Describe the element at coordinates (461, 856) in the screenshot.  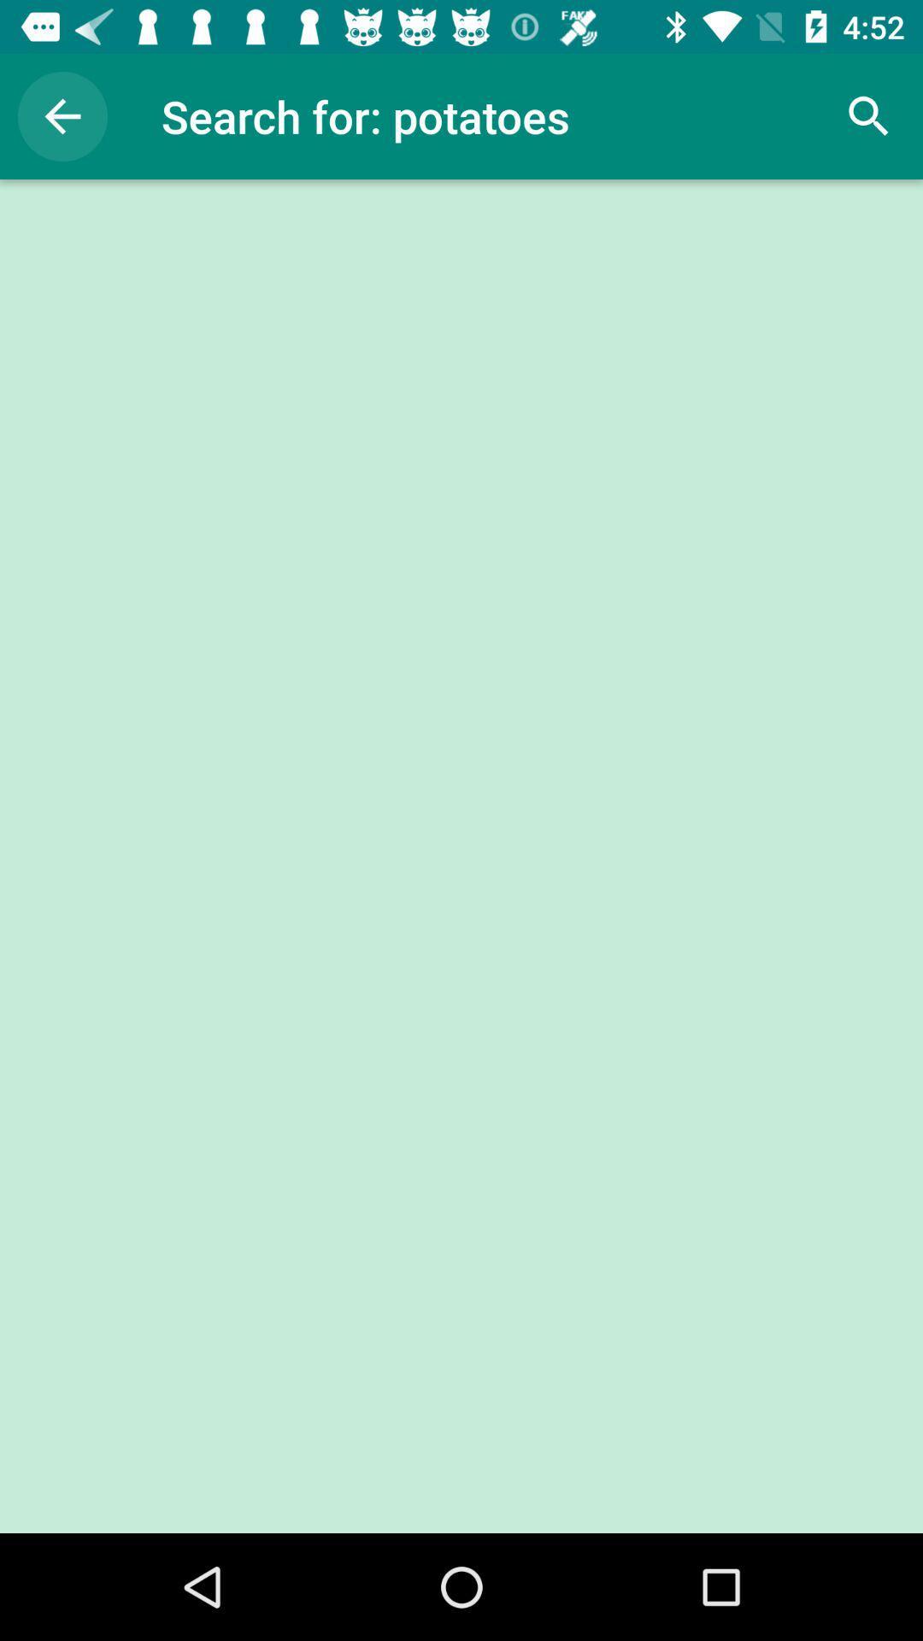
I see `the item at the center` at that location.